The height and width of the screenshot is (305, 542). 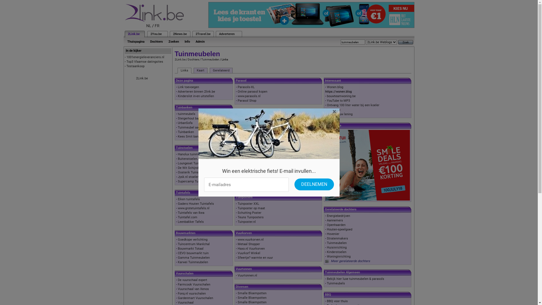 I want to click on 'Openhaarden', so click(x=336, y=225).